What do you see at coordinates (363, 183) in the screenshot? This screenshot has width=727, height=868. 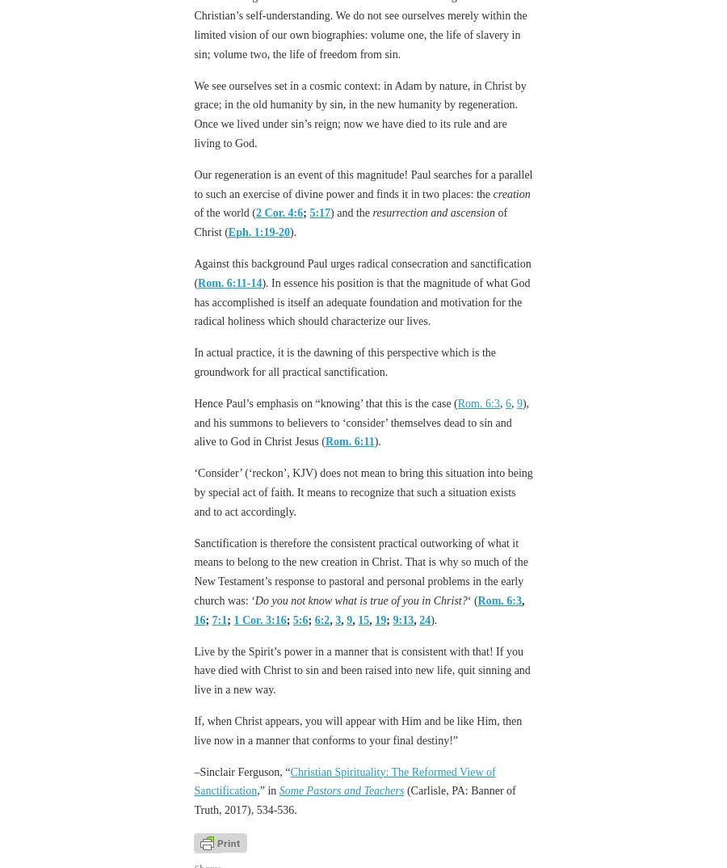 I see `'Our regeneration is an event of this magnitude! Paul searches for a parallel to such an exercise of divine power and finds it in two places: the'` at bounding box center [363, 183].